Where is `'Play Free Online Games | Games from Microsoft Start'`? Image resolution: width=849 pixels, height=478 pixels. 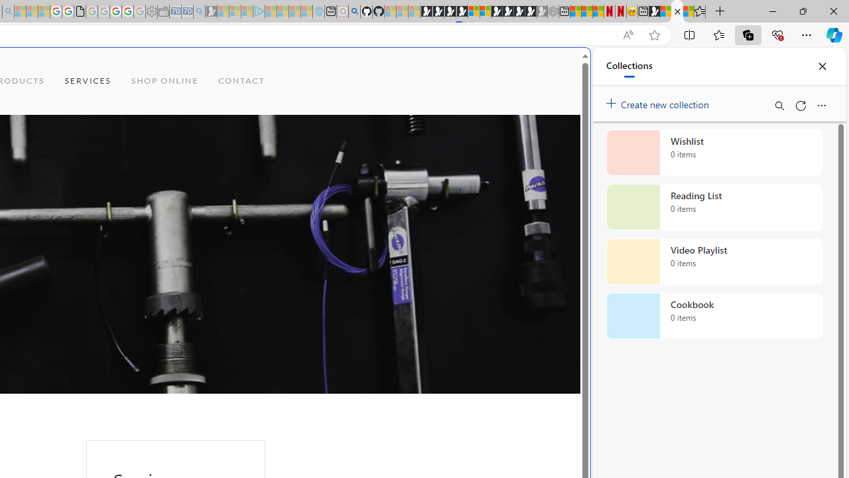 'Play Free Online Games | Games from Microsoft Start' is located at coordinates (426, 11).